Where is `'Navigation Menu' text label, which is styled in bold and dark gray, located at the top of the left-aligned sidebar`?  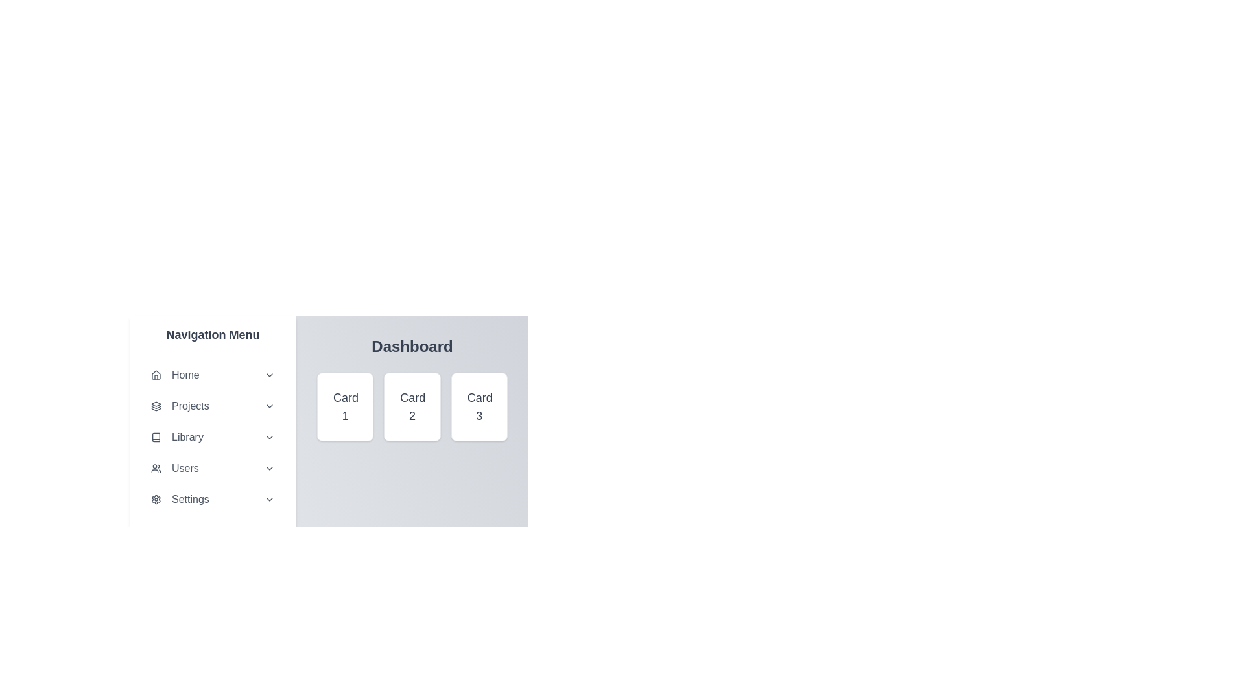 'Navigation Menu' text label, which is styled in bold and dark gray, located at the top of the left-aligned sidebar is located at coordinates (213, 334).